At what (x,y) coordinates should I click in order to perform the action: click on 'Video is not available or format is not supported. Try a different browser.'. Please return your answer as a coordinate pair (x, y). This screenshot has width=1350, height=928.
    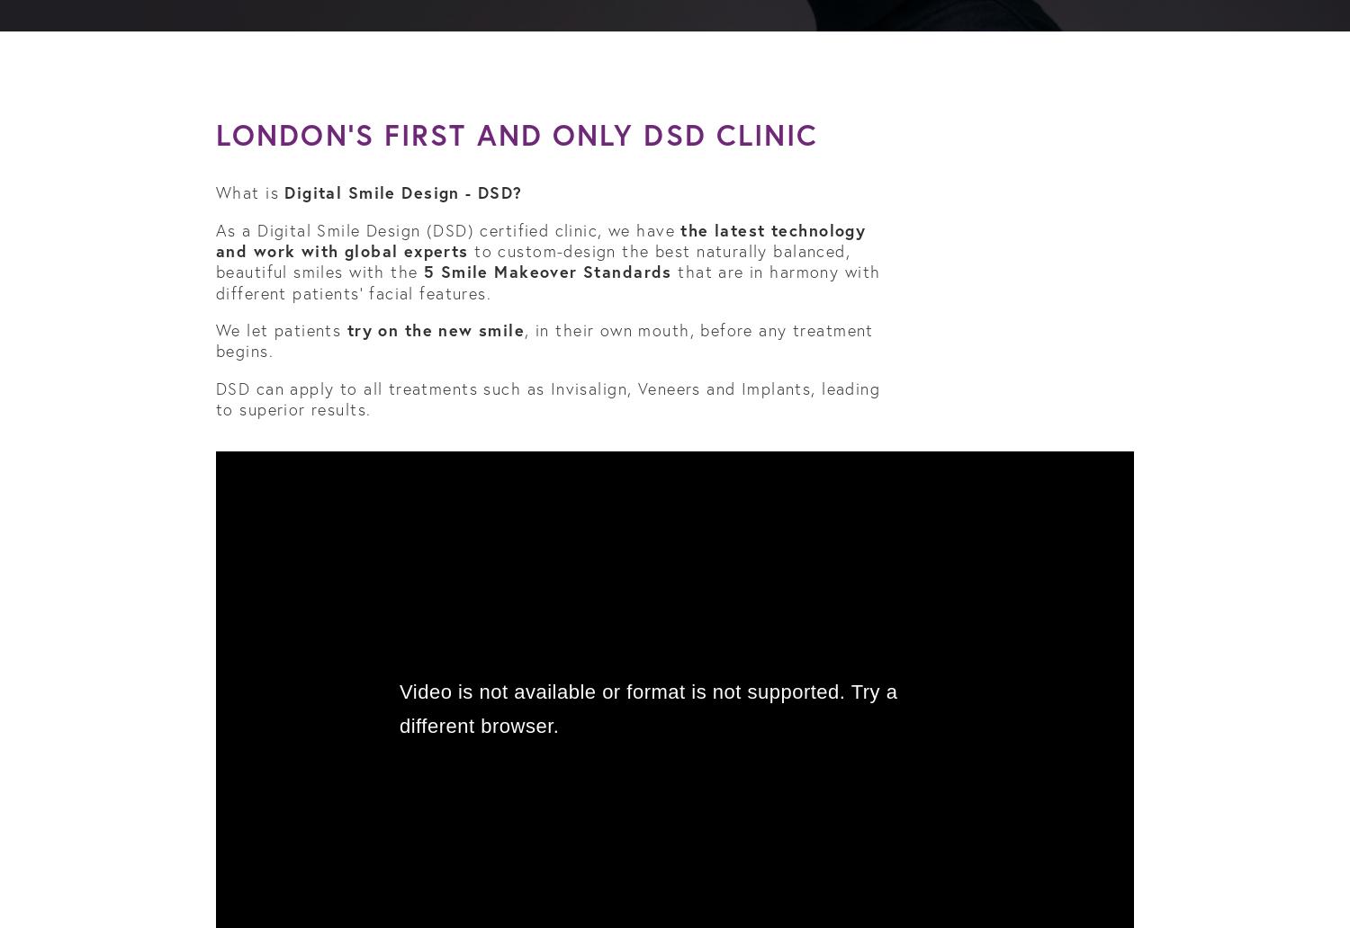
    Looking at the image, I should click on (647, 709).